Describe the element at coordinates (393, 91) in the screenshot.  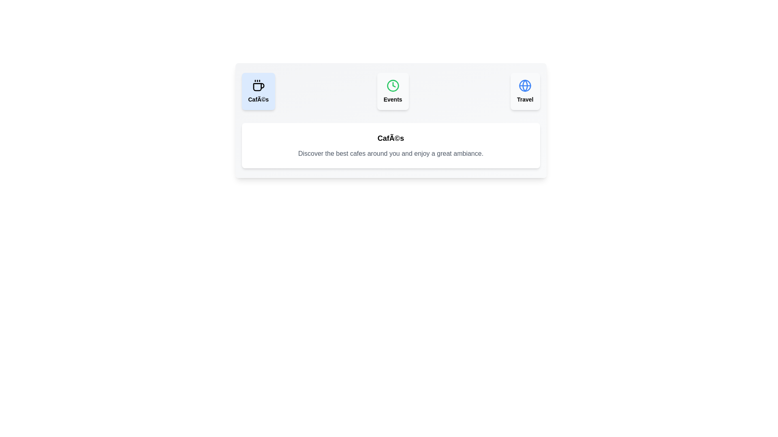
I see `the tab labeled Events to observe its hover effects` at that location.